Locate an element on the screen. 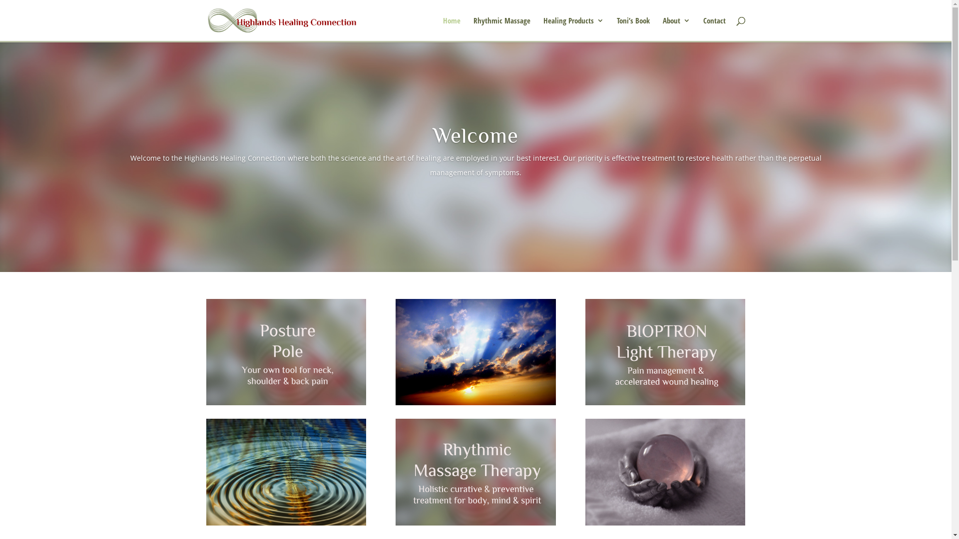 Image resolution: width=959 pixels, height=539 pixels. 'Contact' is located at coordinates (714, 28).